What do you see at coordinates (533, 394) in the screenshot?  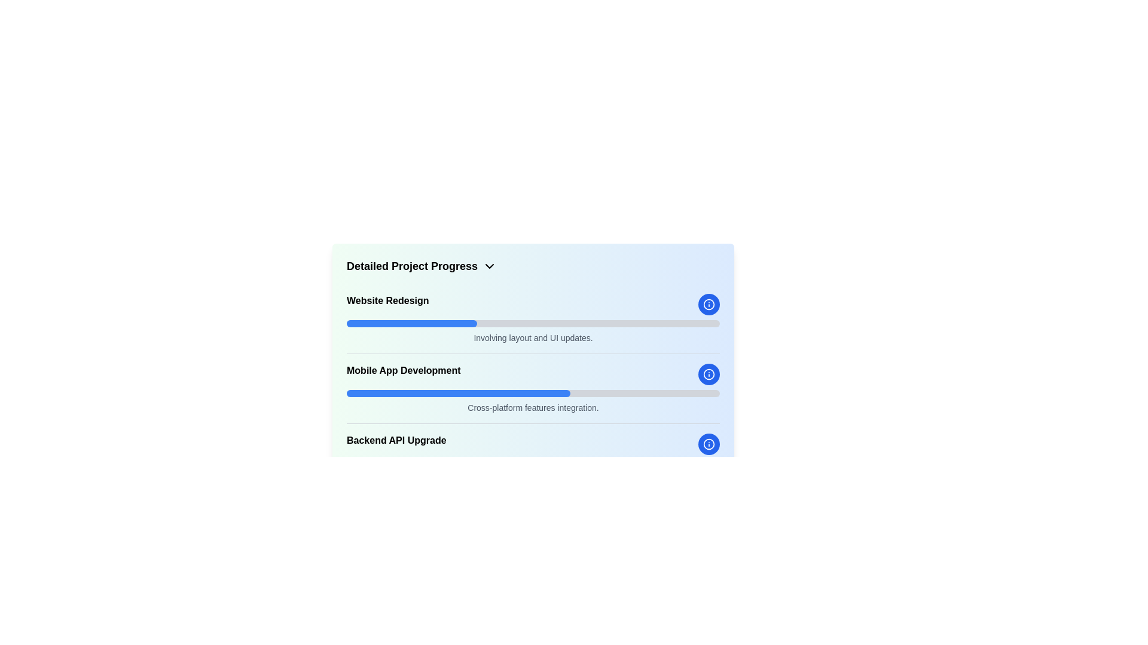 I see `the progress bar located below the 'Mobile App Development' text and above the 'Cross-platform features integration.' text` at bounding box center [533, 394].